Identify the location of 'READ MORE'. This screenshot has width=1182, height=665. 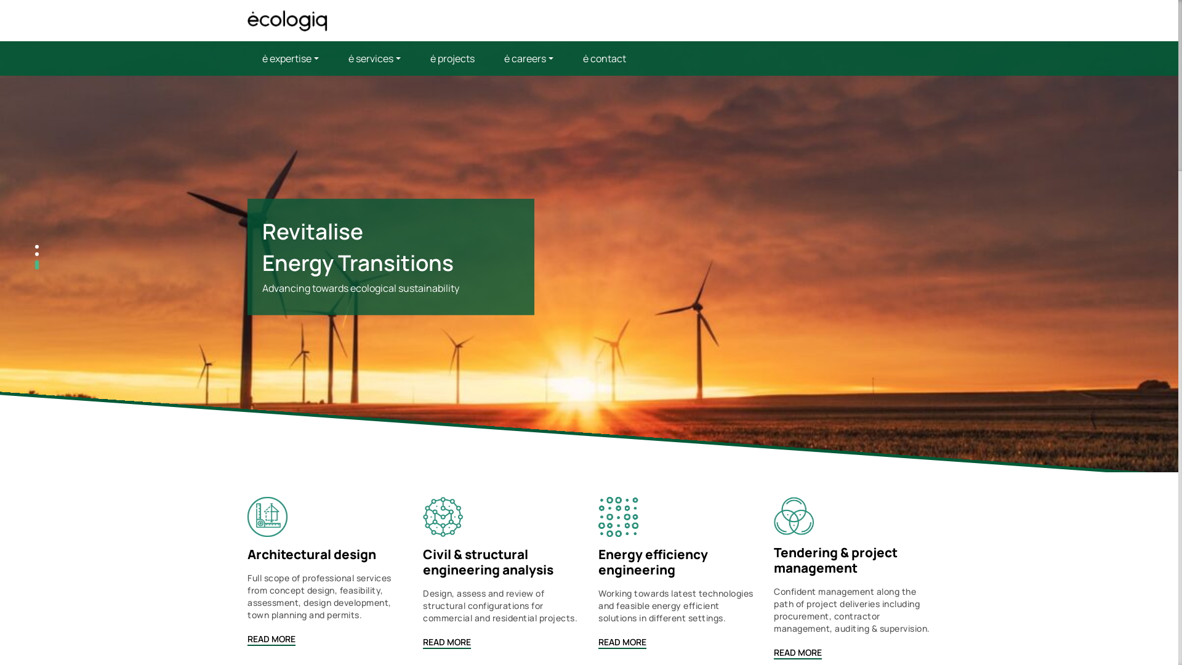
(622, 642).